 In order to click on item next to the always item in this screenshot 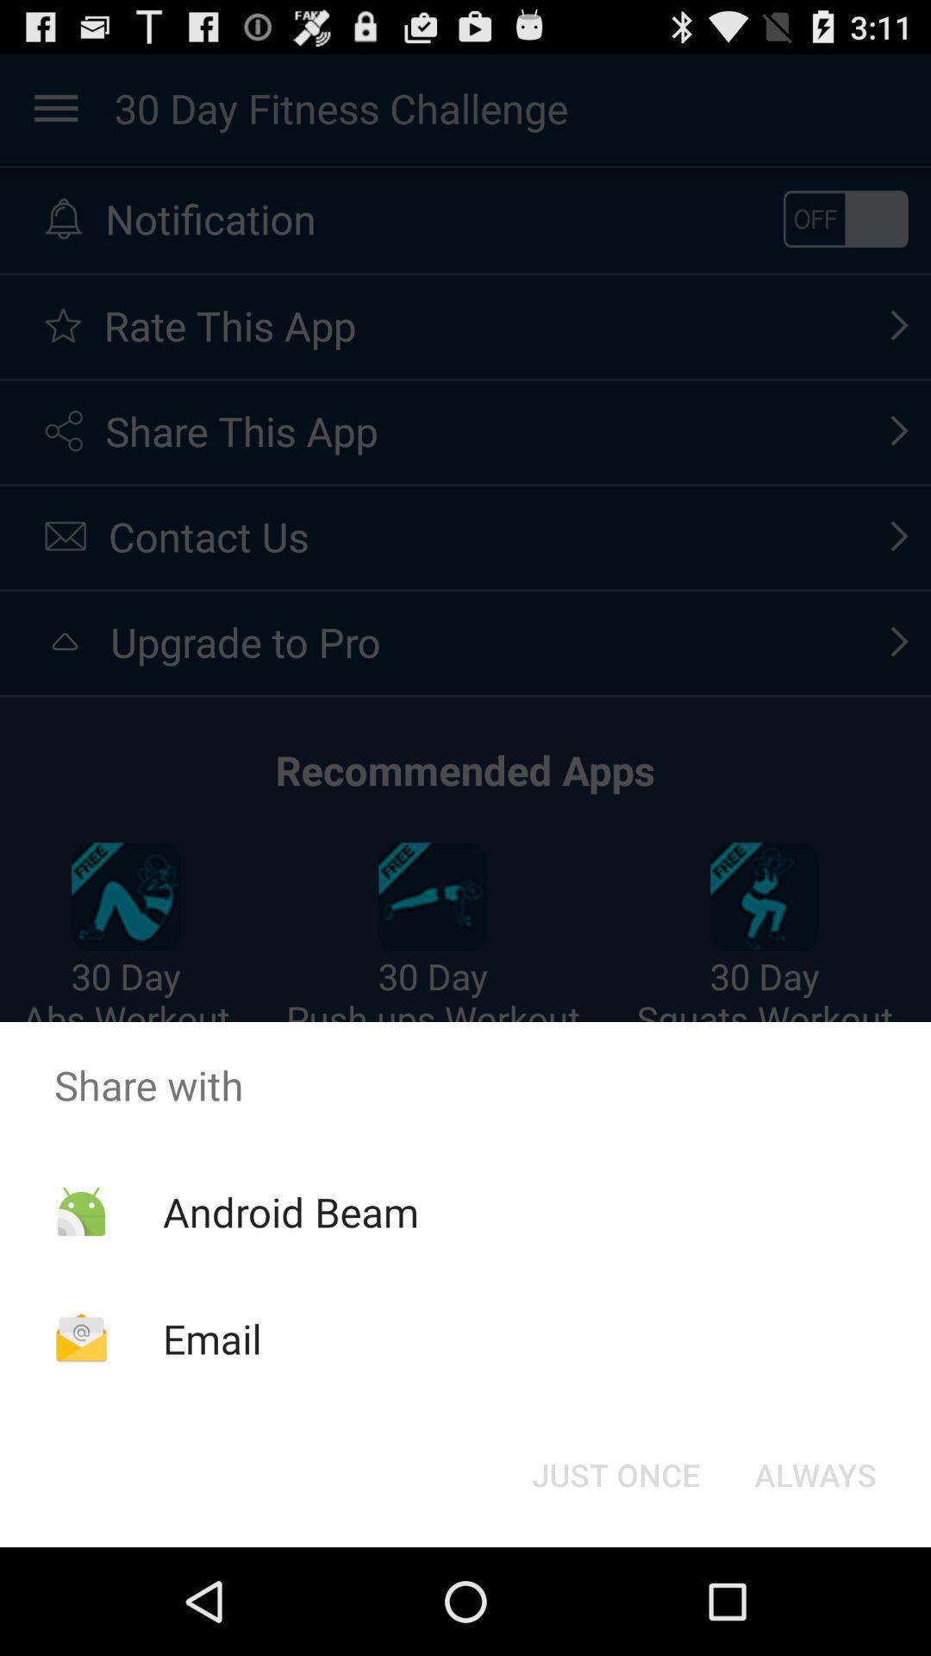, I will do `click(615, 1473)`.